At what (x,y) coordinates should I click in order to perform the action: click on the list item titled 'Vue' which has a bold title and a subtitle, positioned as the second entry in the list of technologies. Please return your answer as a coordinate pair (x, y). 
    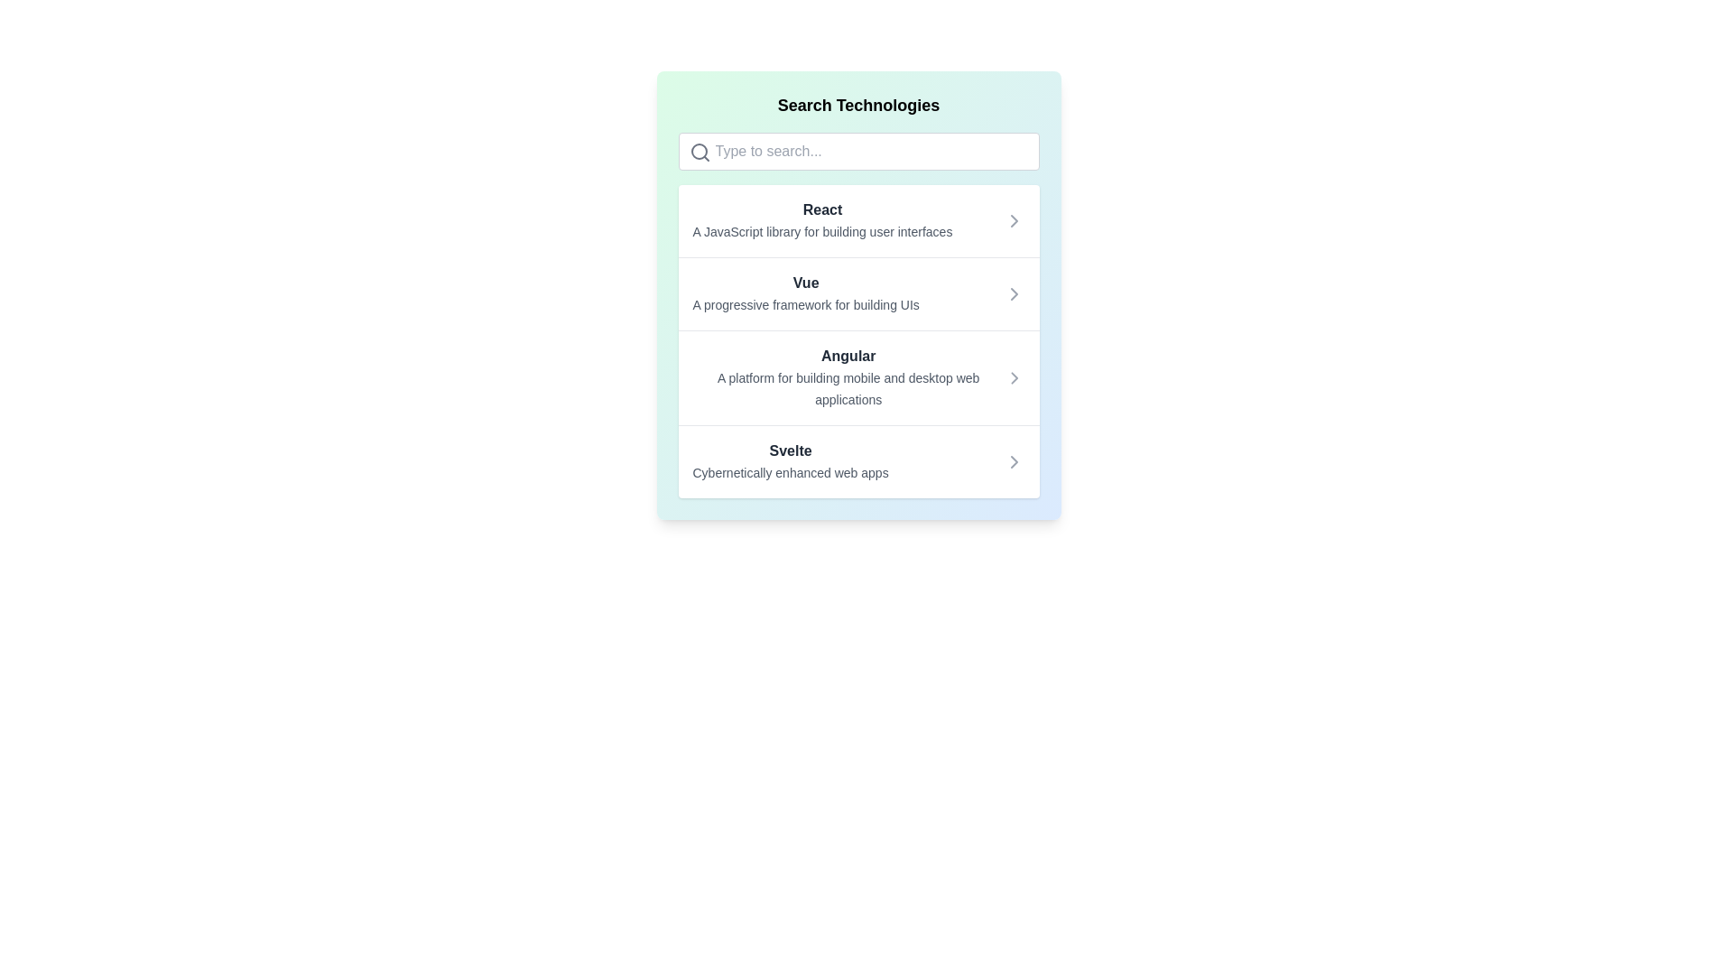
    Looking at the image, I should click on (805, 293).